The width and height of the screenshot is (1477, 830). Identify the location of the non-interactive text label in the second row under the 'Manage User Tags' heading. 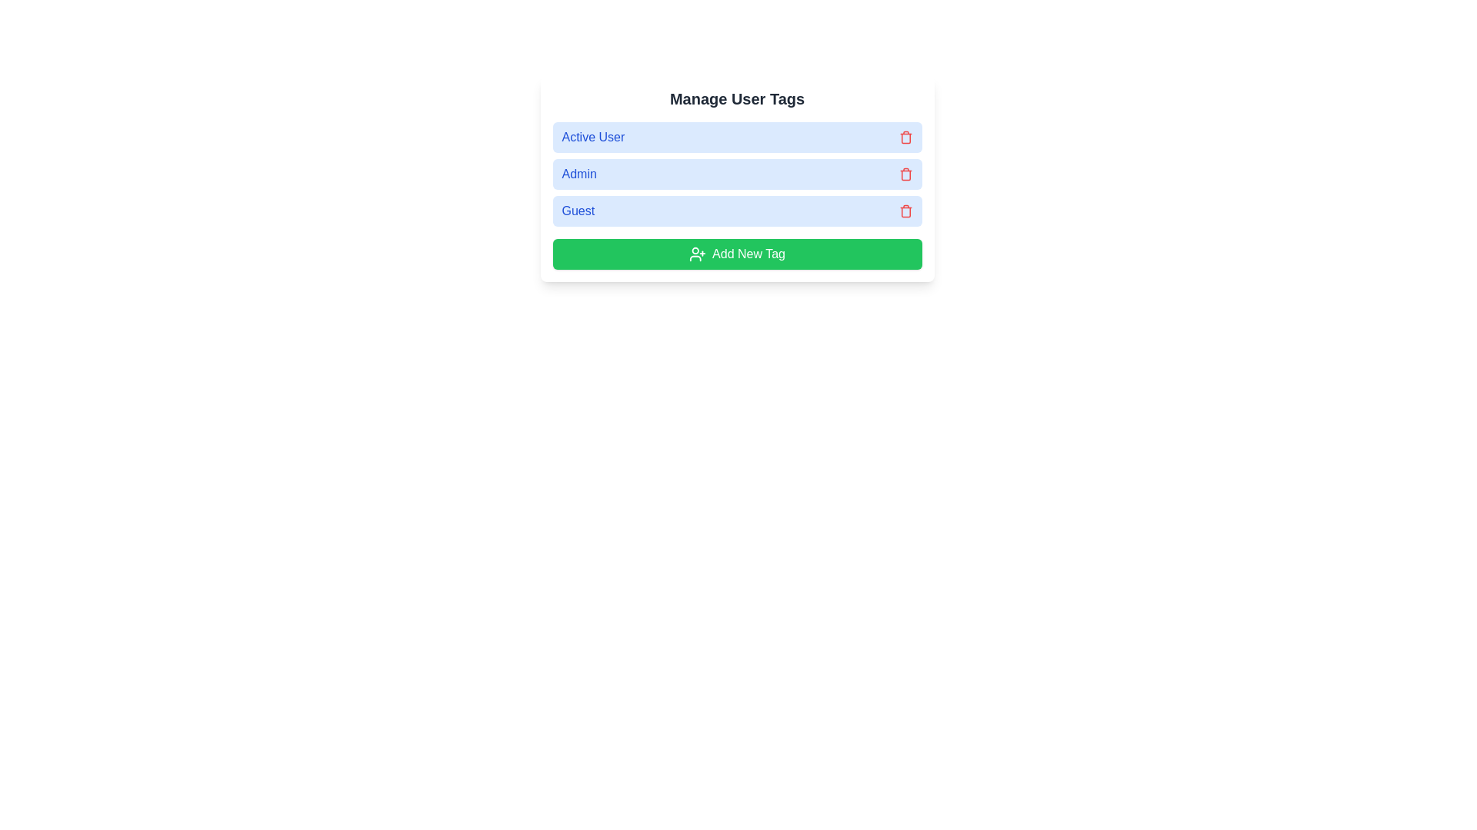
(578, 174).